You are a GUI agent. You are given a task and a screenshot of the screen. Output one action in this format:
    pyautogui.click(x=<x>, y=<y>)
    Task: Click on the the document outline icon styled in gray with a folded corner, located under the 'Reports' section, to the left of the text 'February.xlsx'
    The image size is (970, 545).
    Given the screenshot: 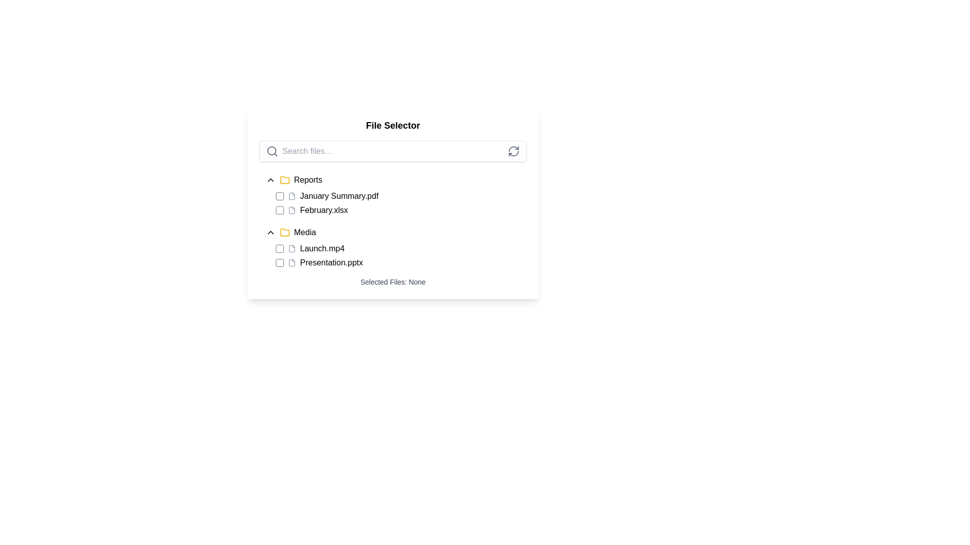 What is the action you would take?
    pyautogui.click(x=291, y=209)
    